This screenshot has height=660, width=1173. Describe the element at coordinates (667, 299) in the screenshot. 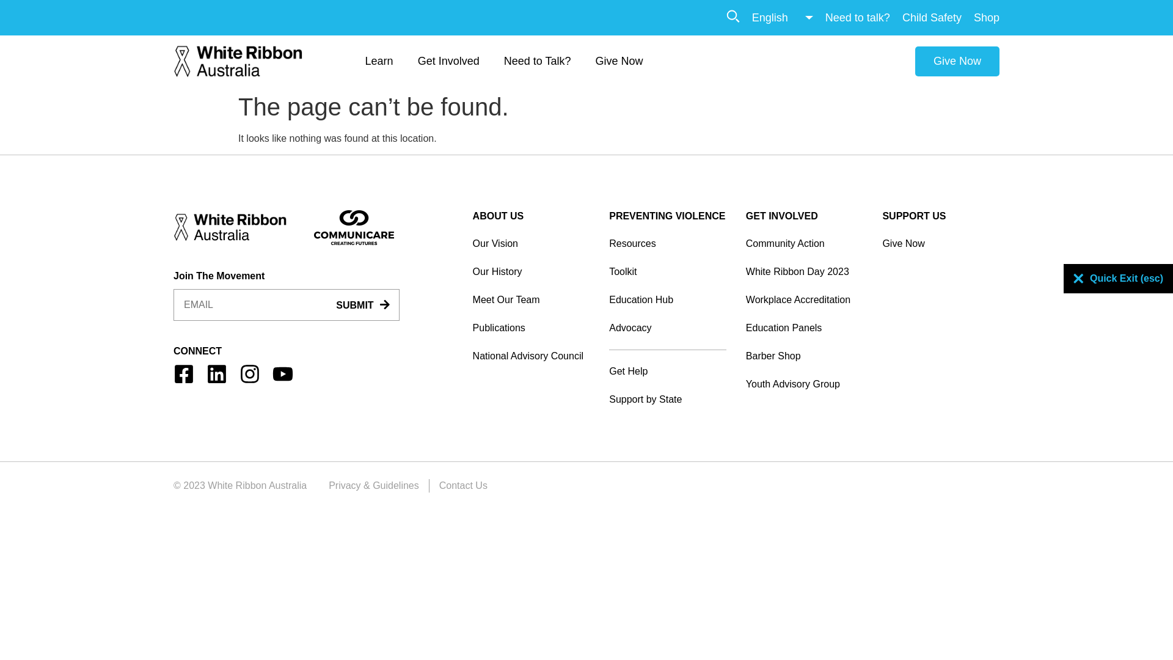

I see `'Education Hub'` at that location.